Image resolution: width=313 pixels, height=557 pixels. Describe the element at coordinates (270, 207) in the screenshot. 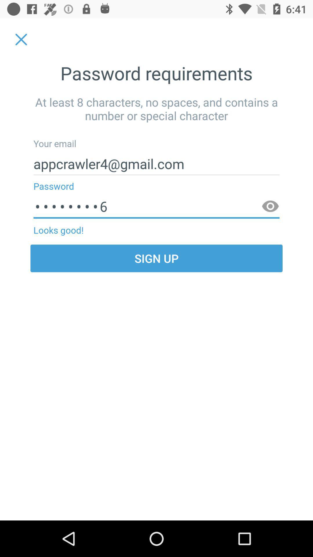

I see `item below the appcrawler4@gmail.com` at that location.